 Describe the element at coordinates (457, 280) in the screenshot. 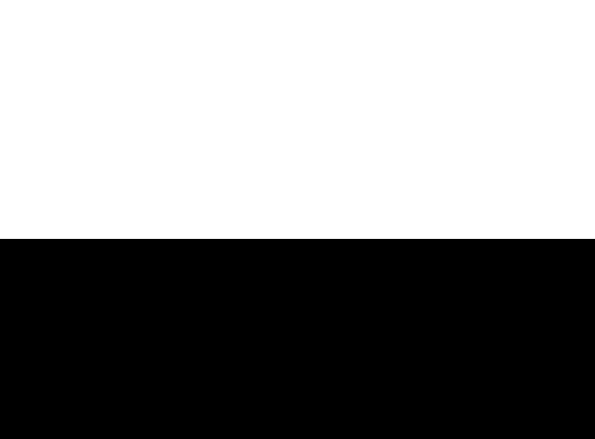

I see `'Partner with us'` at that location.